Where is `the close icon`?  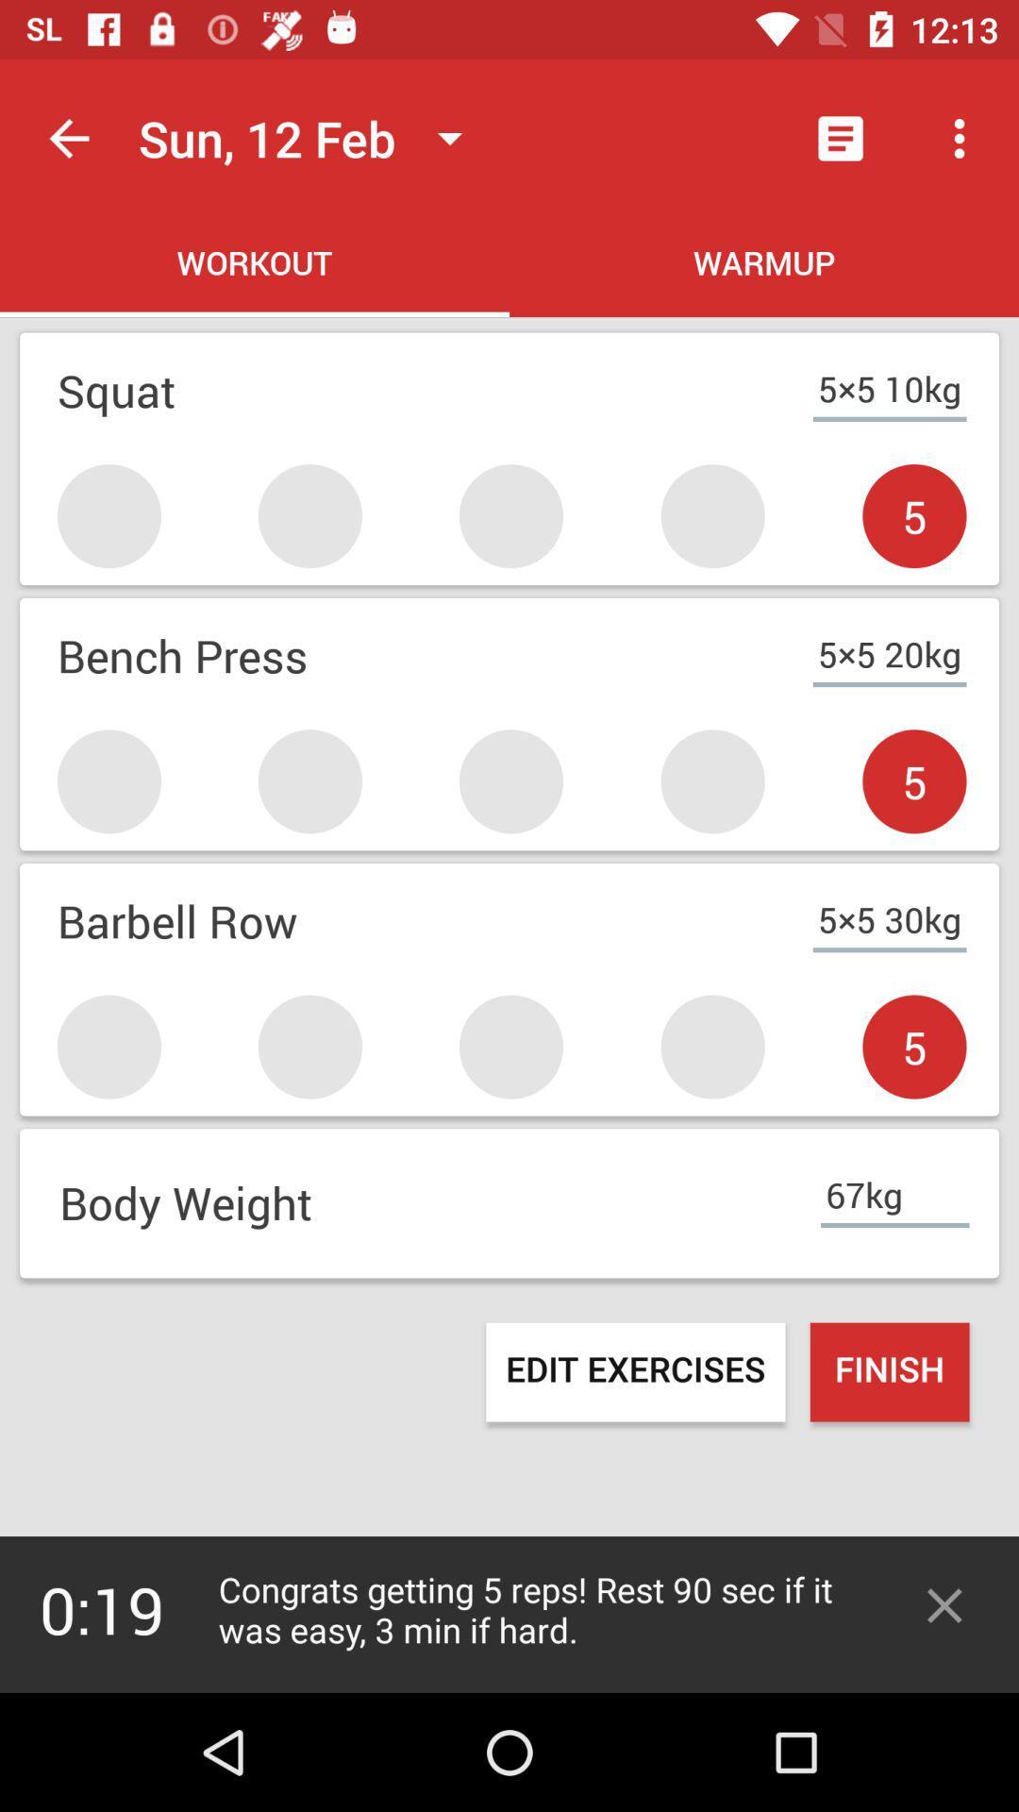
the close icon is located at coordinates (944, 1605).